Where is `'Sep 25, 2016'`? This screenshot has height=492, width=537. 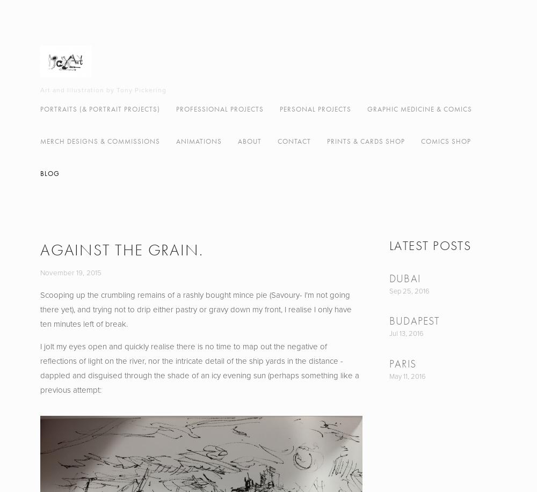 'Sep 25, 2016' is located at coordinates (409, 291).